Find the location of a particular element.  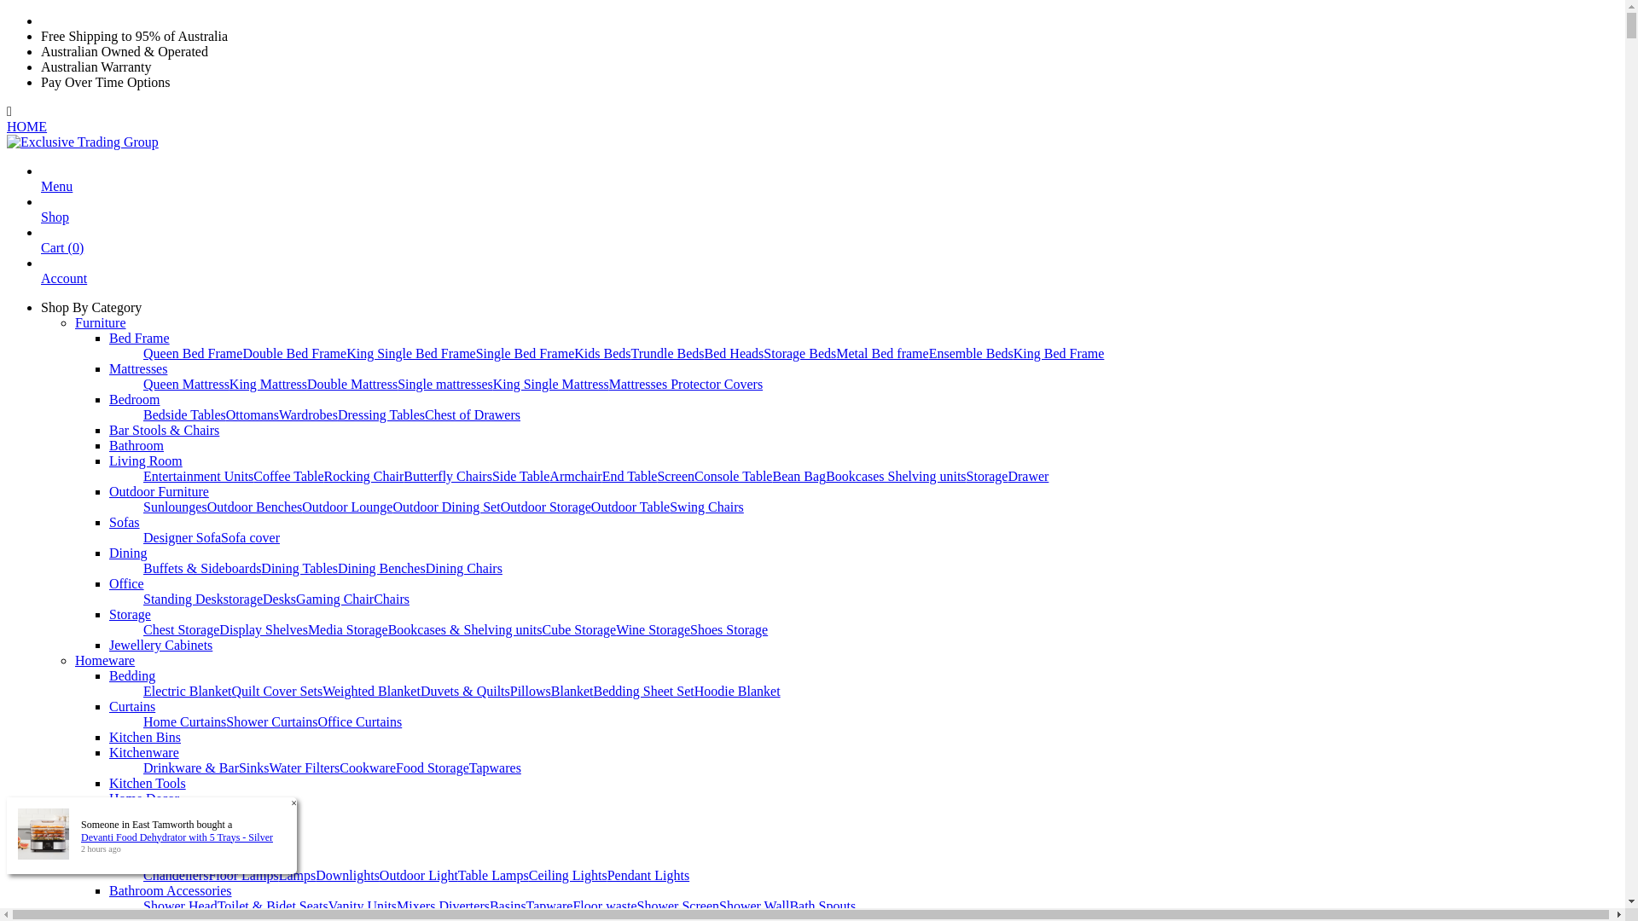

'Screen' is located at coordinates (655, 476).